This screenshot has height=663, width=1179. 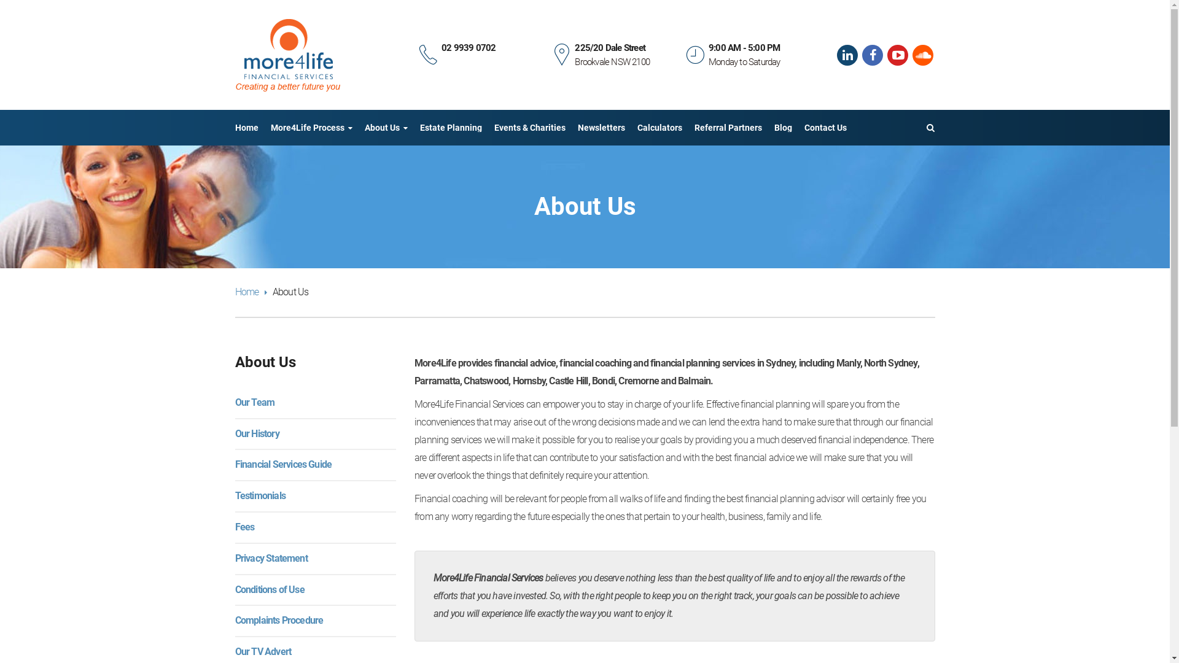 I want to click on 'Our TV Advert', so click(x=262, y=651).